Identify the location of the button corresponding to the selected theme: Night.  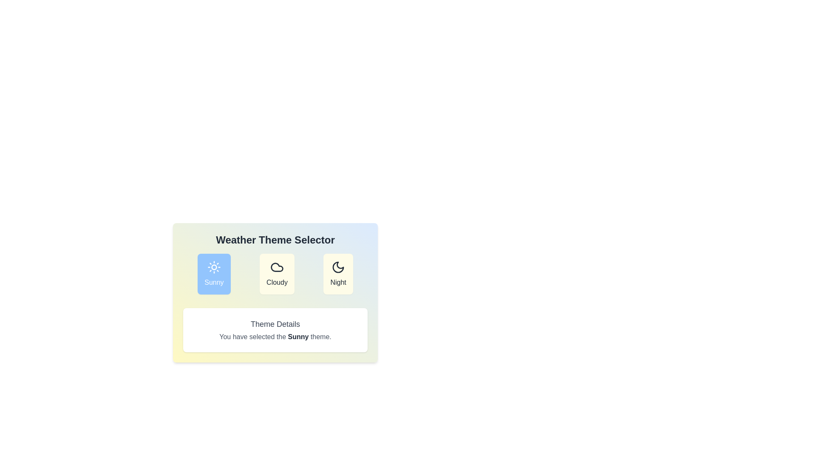
(338, 274).